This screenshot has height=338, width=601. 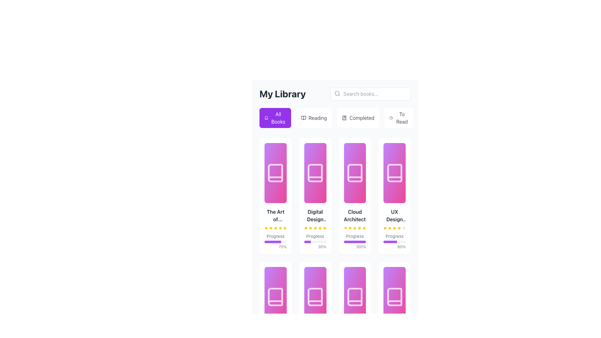 I want to click on progress bar, so click(x=266, y=241).